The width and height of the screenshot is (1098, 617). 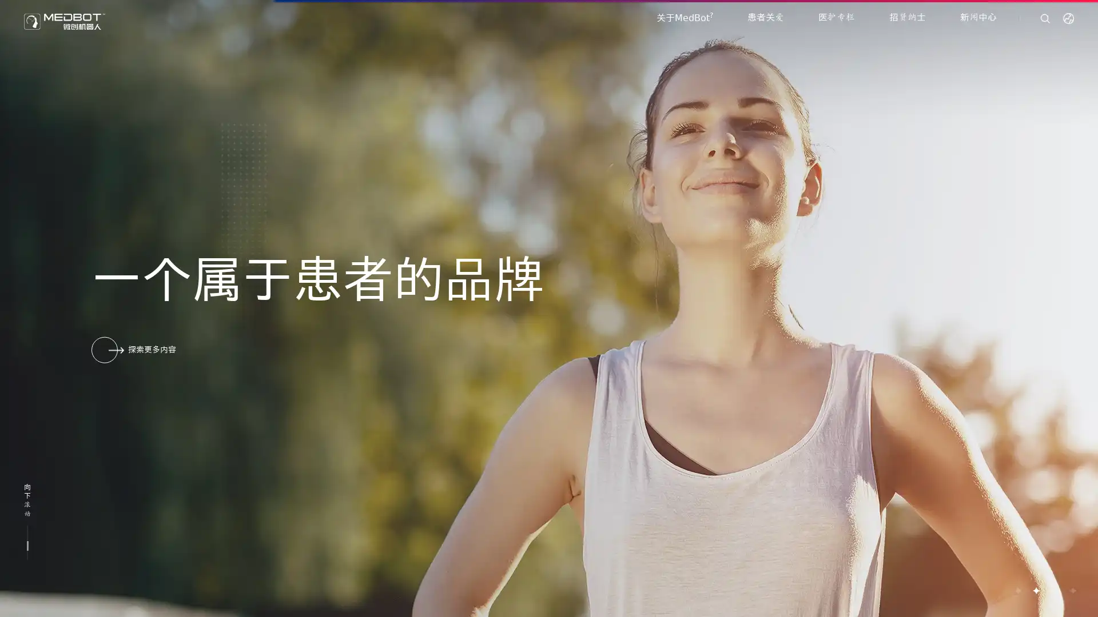 What do you see at coordinates (1053, 590) in the screenshot?
I see `Go to slide 3` at bounding box center [1053, 590].